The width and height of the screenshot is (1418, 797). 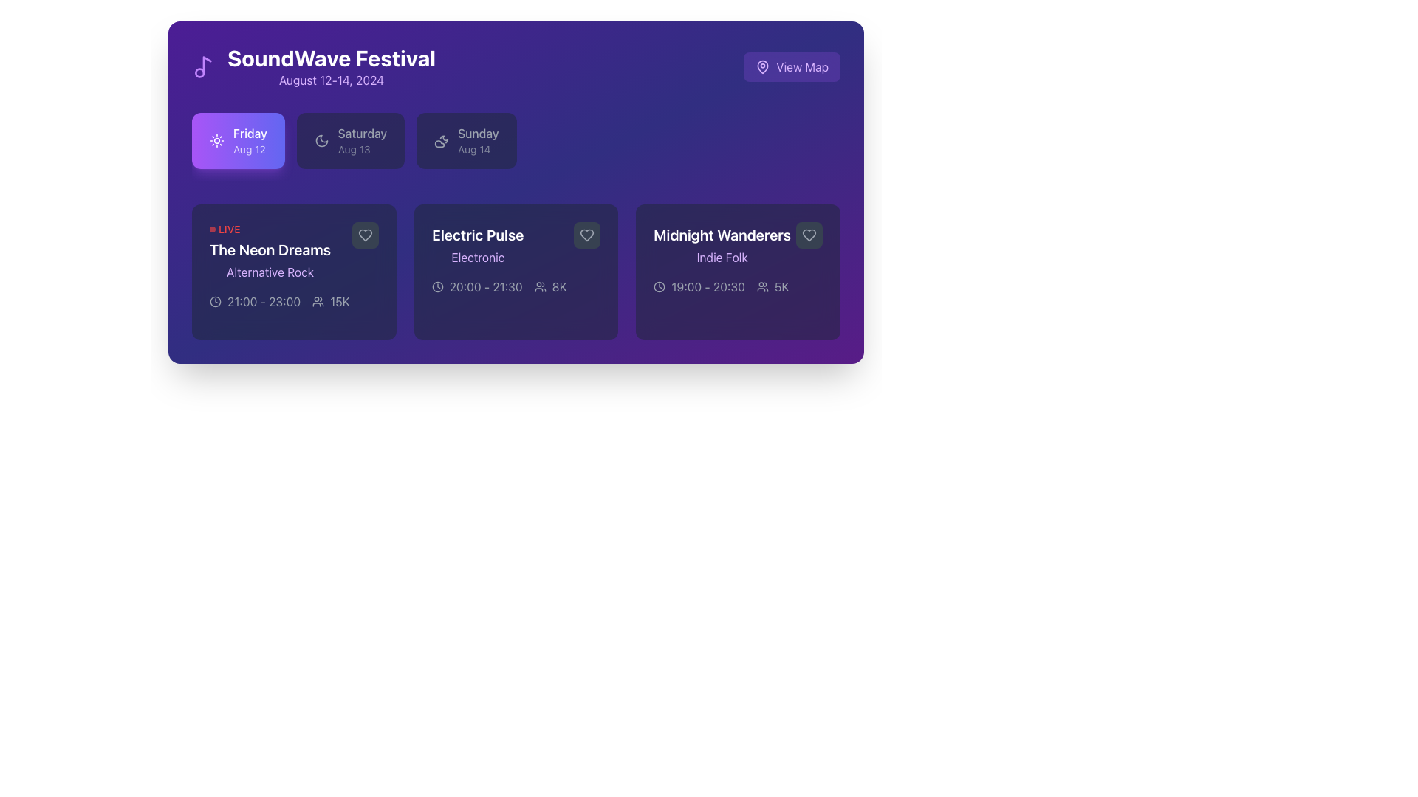 I want to click on information for the Informative label displaying the time range '20:00 - 21:30' and visitor count '8K' located in the 'Electric Pulse' section under 'Friday Aug 12', so click(x=516, y=287).